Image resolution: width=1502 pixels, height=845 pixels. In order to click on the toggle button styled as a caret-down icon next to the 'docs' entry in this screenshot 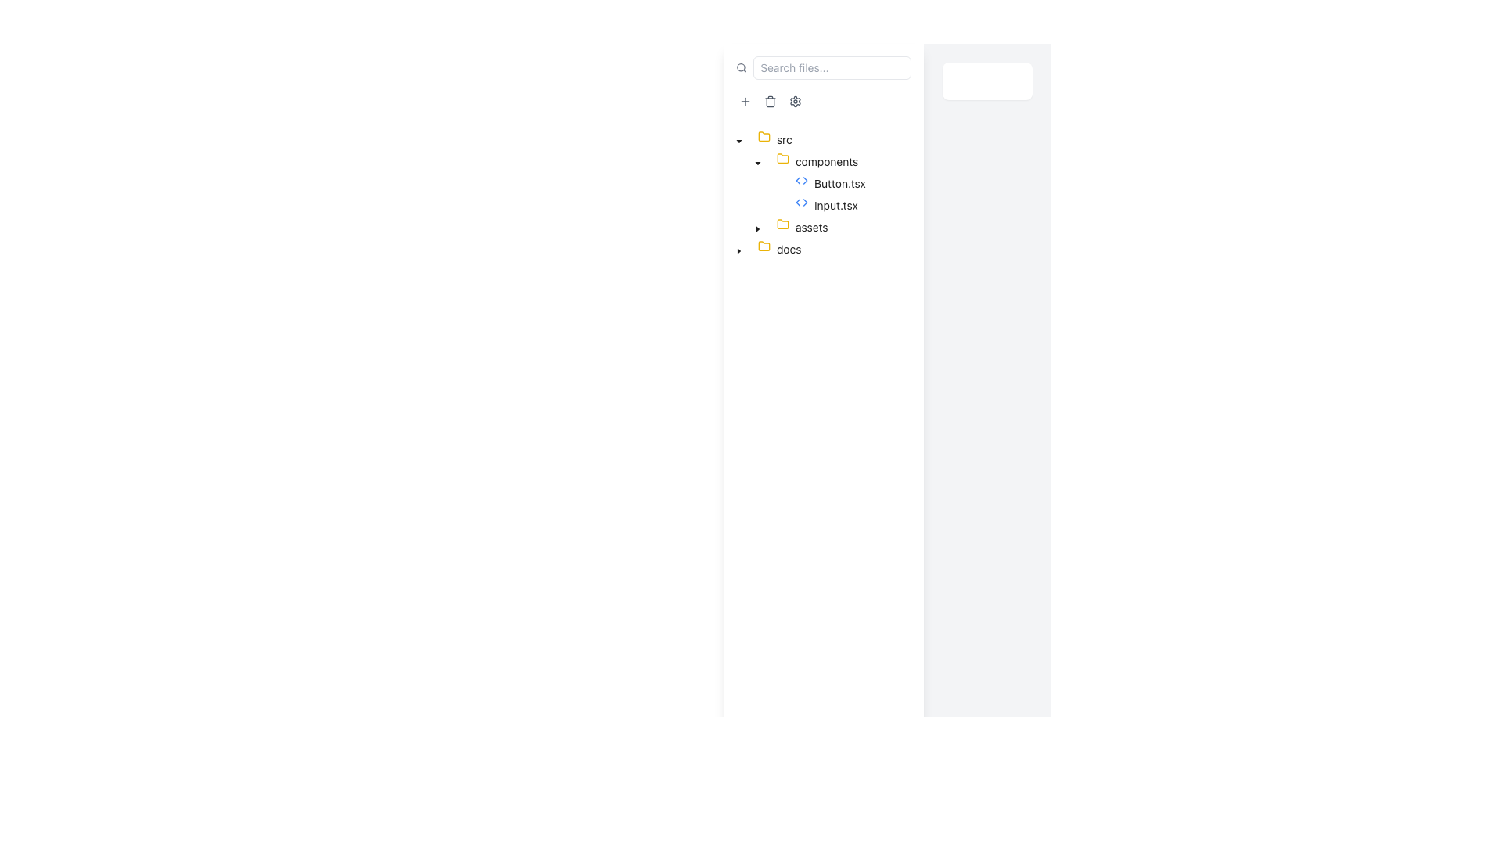, I will do `click(738, 250)`.